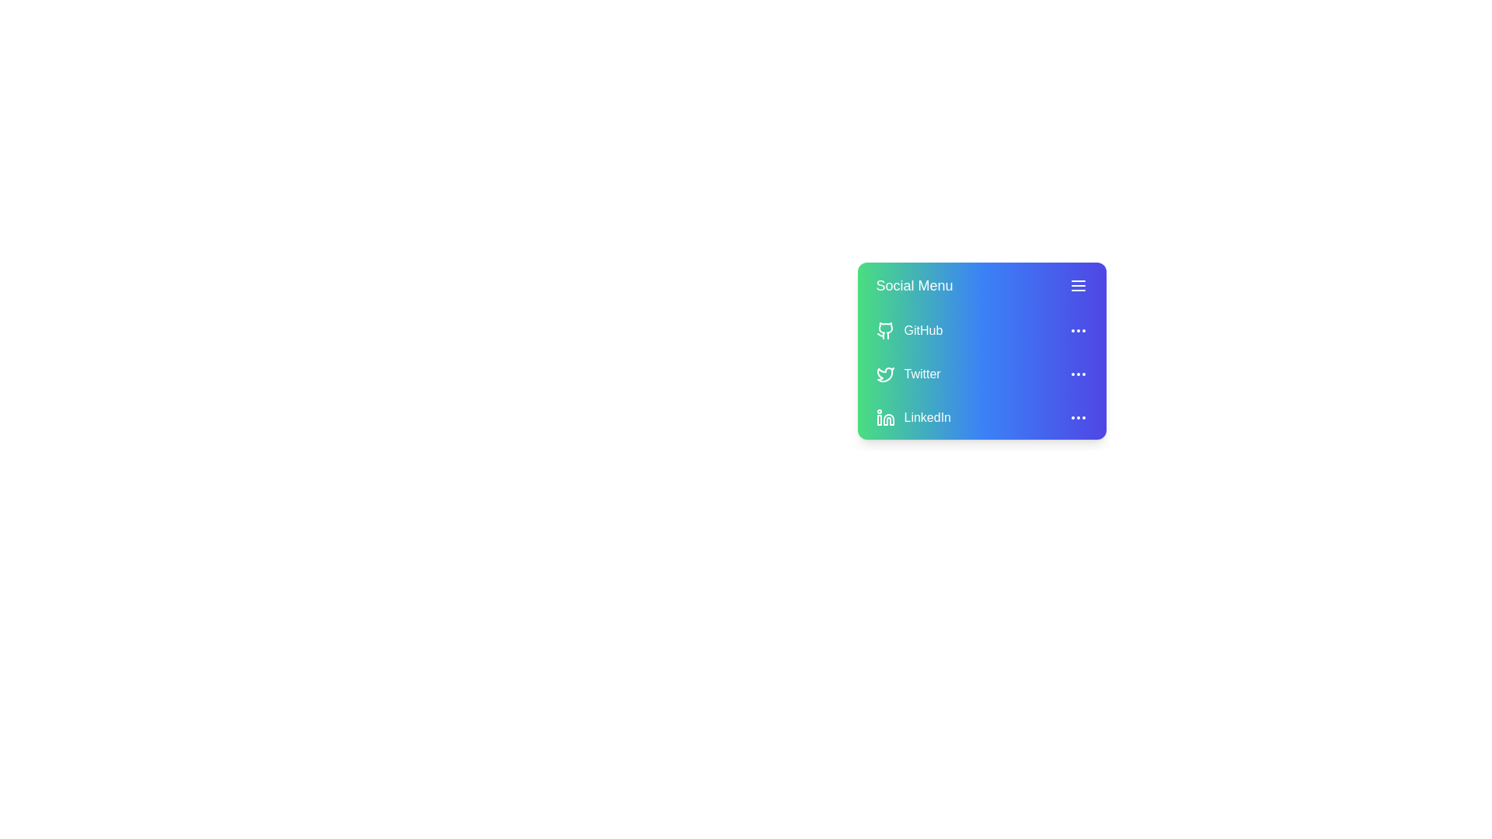  Describe the element at coordinates (981, 285) in the screenshot. I see `the 'Social Menu' button to toggle the menu's visibility` at that location.